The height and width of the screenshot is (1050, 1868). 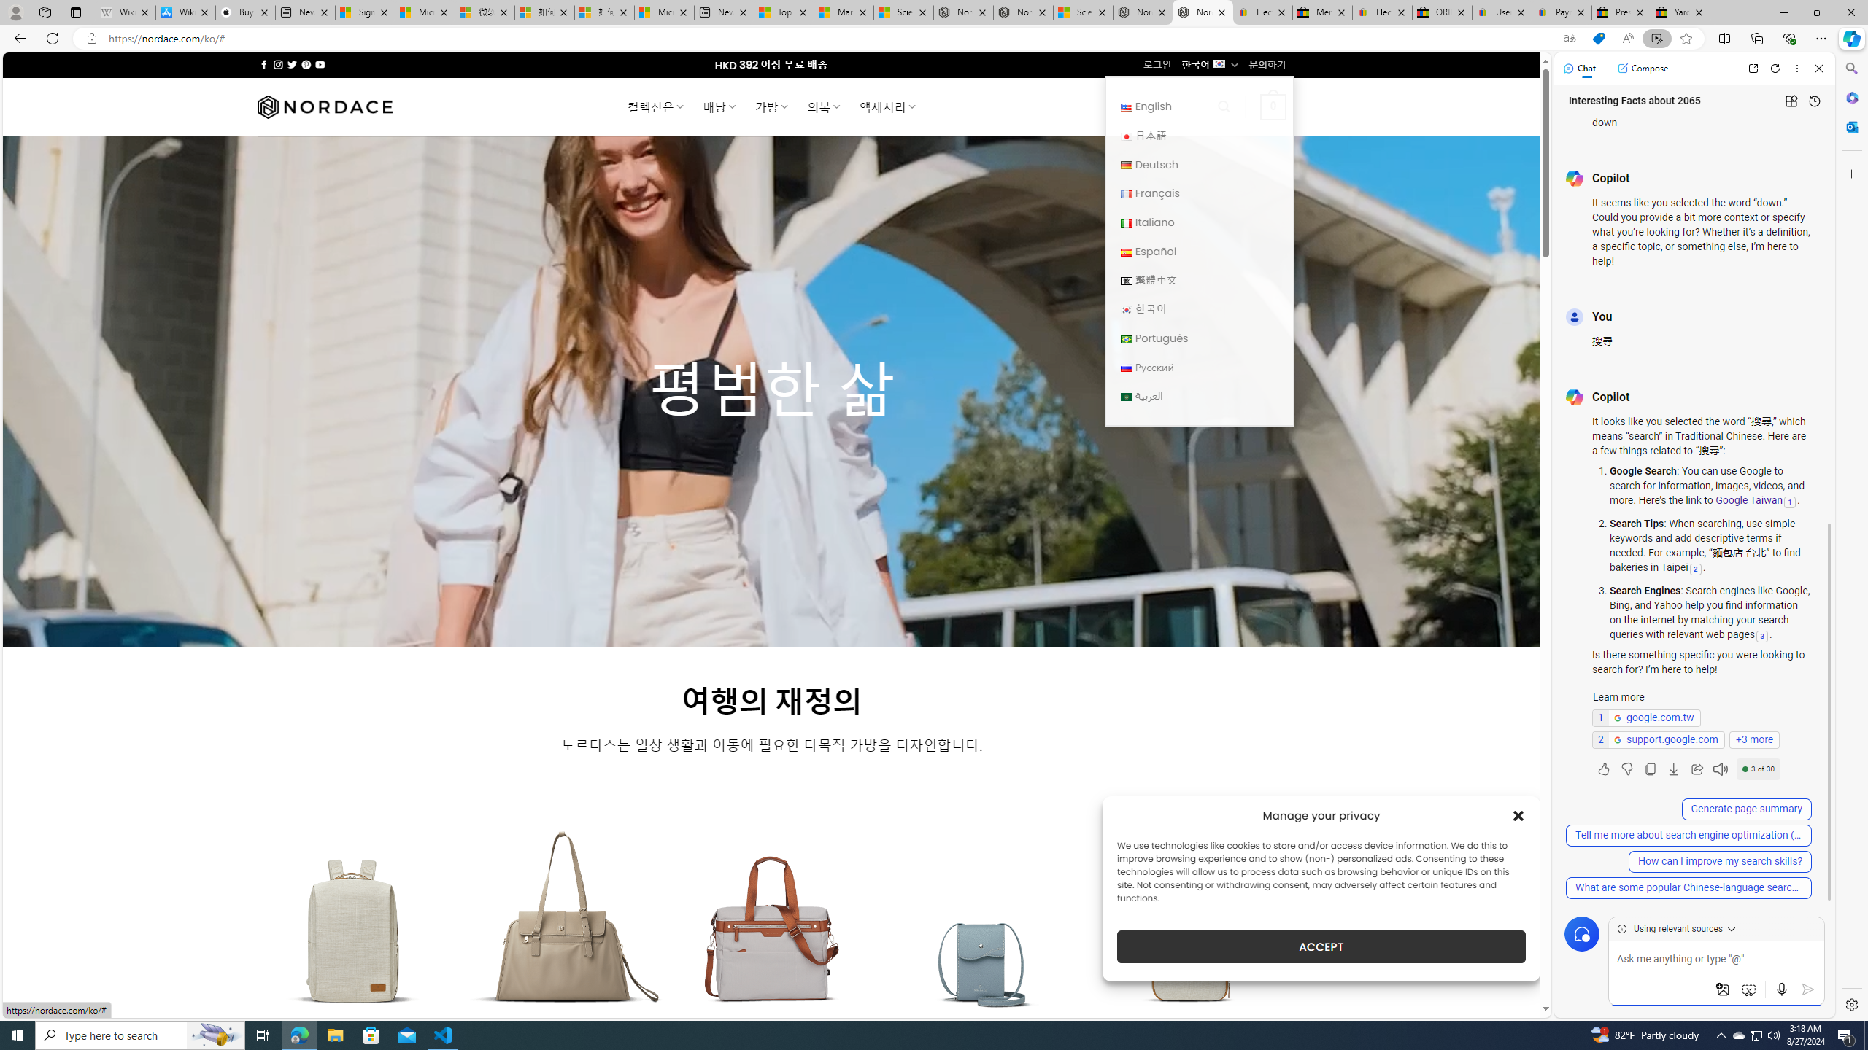 I want to click on 'Deutsch Deutsch', so click(x=1198, y=164).